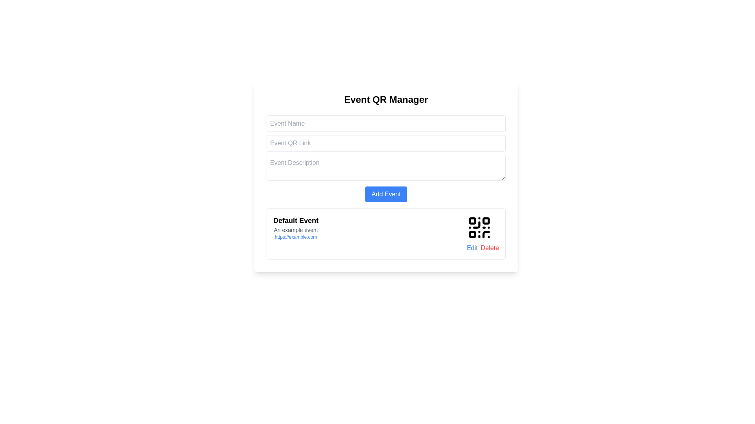 This screenshot has width=755, height=424. What do you see at coordinates (479, 227) in the screenshot?
I see `the stylized QR code icon located on the right side of the 'Default Event' panel, above the 'Edit' and 'Delete' text links, for interaction if permitted` at bounding box center [479, 227].